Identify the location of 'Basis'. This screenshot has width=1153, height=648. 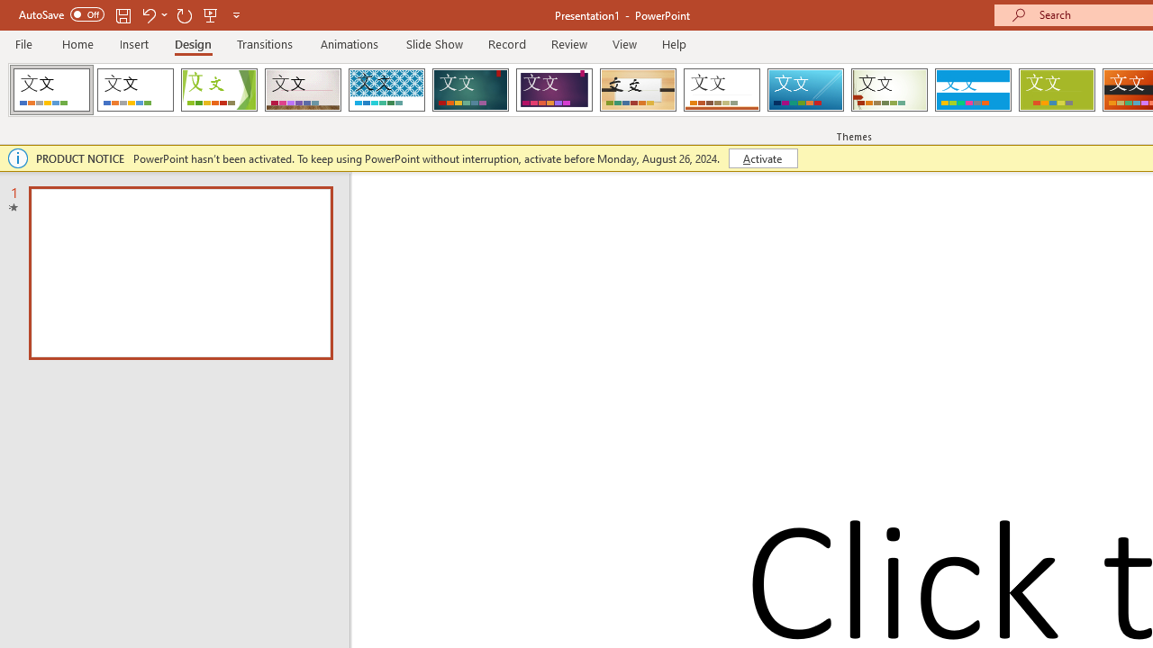
(1057, 90).